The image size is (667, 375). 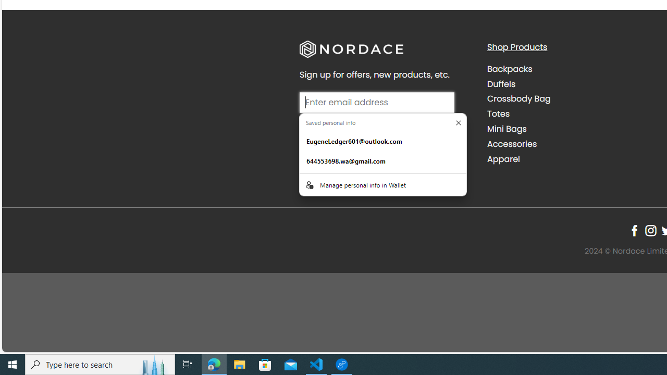 I want to click on 'AutomationID: input_4_1', so click(x=376, y=102).